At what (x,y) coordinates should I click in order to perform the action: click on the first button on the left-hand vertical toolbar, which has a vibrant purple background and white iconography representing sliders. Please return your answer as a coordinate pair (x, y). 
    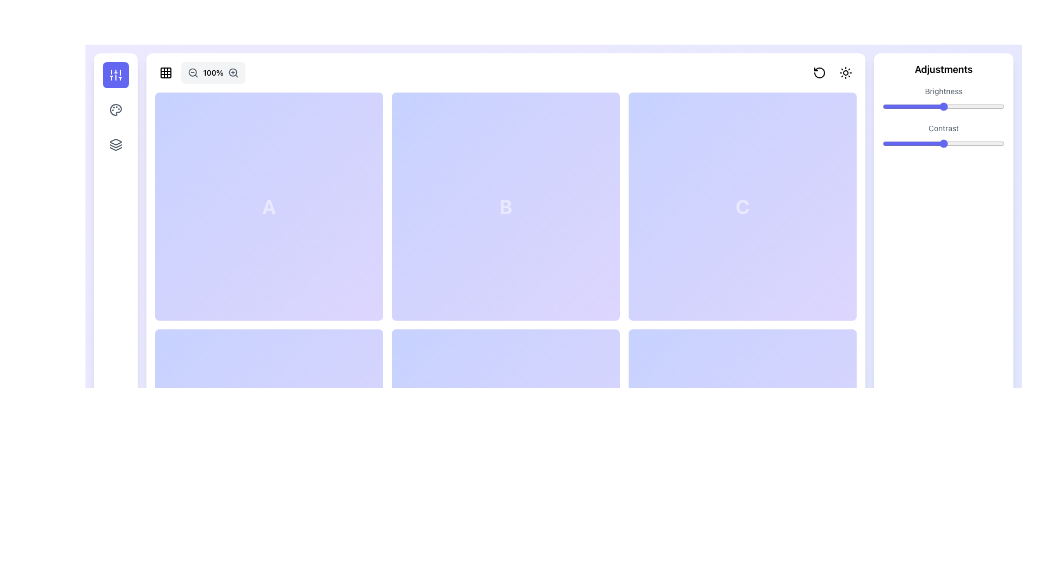
    Looking at the image, I should click on (115, 75).